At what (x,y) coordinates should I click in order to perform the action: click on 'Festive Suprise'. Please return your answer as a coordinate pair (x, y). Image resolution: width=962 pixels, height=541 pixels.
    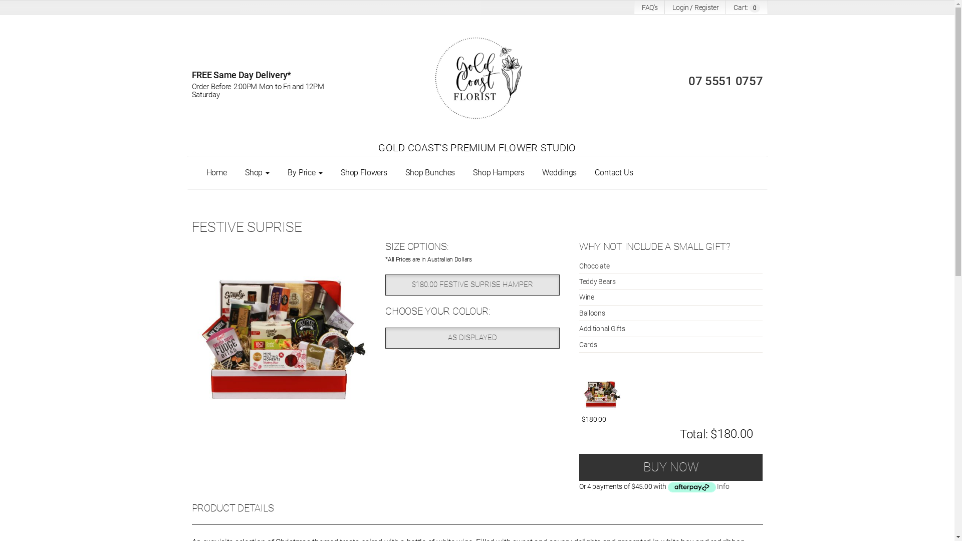
    Looking at the image, I should click on (191, 333).